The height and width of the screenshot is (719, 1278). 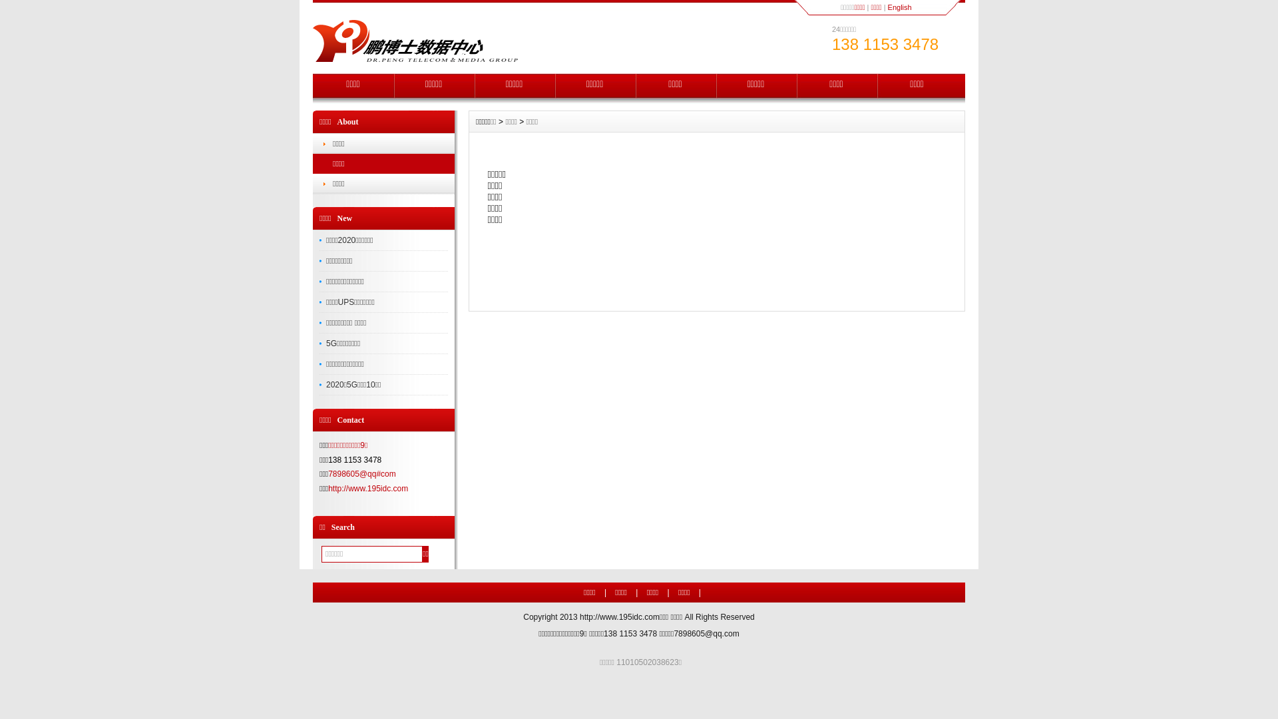 What do you see at coordinates (900, 7) in the screenshot?
I see `'English'` at bounding box center [900, 7].